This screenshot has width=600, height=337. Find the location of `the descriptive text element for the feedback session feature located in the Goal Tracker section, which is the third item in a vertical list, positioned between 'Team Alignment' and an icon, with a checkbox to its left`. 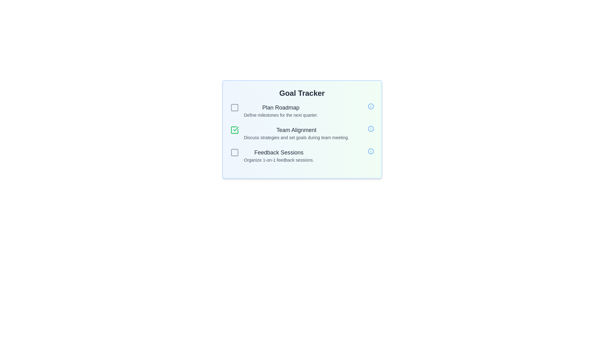

the descriptive text element for the feedback session feature located in the Goal Tracker section, which is the third item in a vertical list, positioned between 'Team Alignment' and an icon, with a checkbox to its left is located at coordinates (278, 155).